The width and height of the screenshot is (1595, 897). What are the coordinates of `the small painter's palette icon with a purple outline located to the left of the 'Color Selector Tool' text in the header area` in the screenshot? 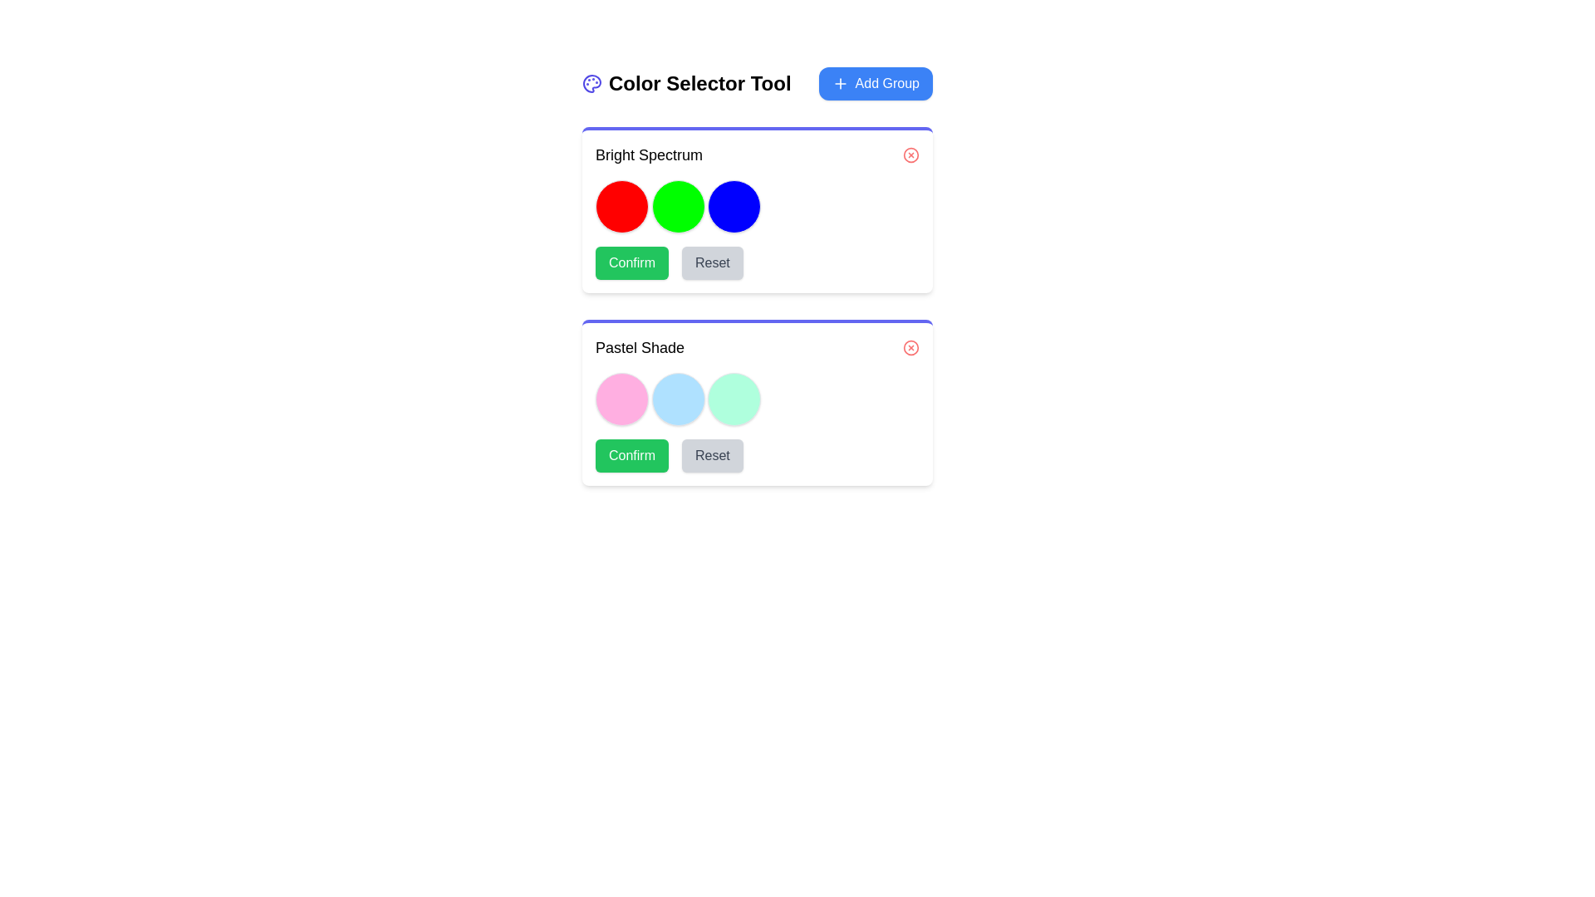 It's located at (592, 83).